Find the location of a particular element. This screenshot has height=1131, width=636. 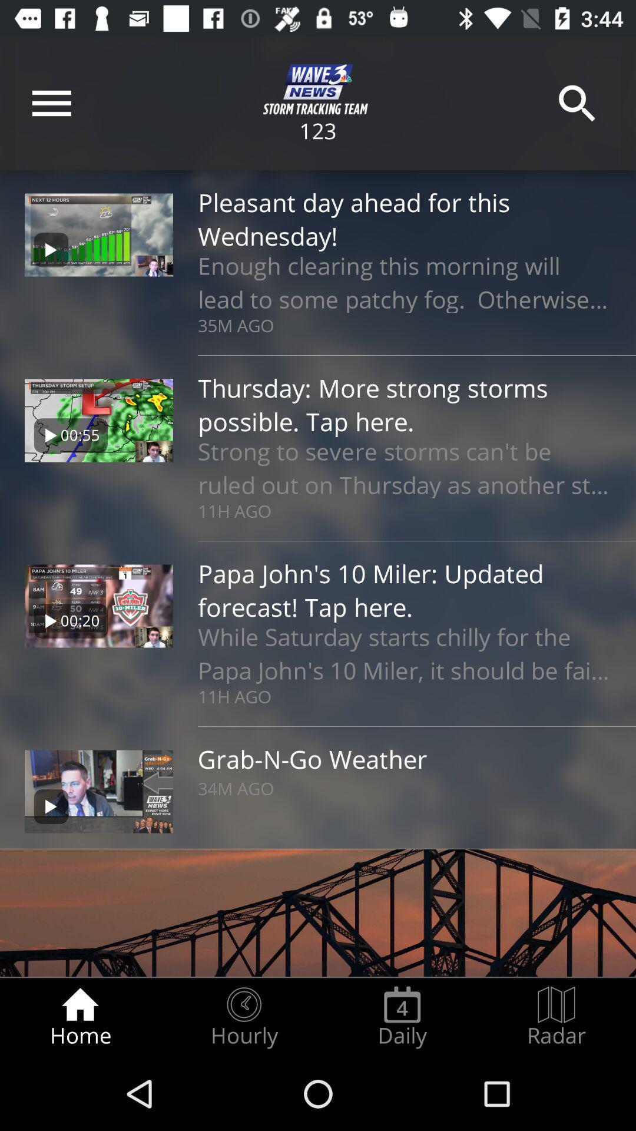

item to the left of the hourly radio button is located at coordinates (79, 1017).